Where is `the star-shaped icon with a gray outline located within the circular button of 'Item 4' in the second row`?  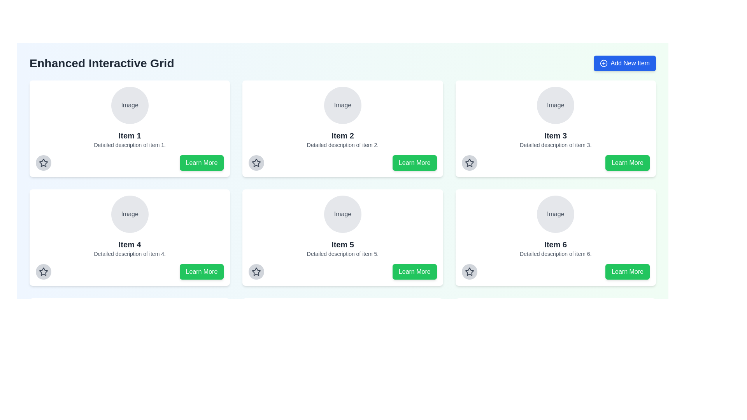 the star-shaped icon with a gray outline located within the circular button of 'Item 4' in the second row is located at coordinates (43, 163).